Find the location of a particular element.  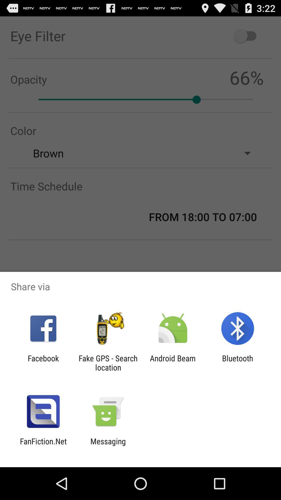

fanfiction.net item is located at coordinates (43, 446).